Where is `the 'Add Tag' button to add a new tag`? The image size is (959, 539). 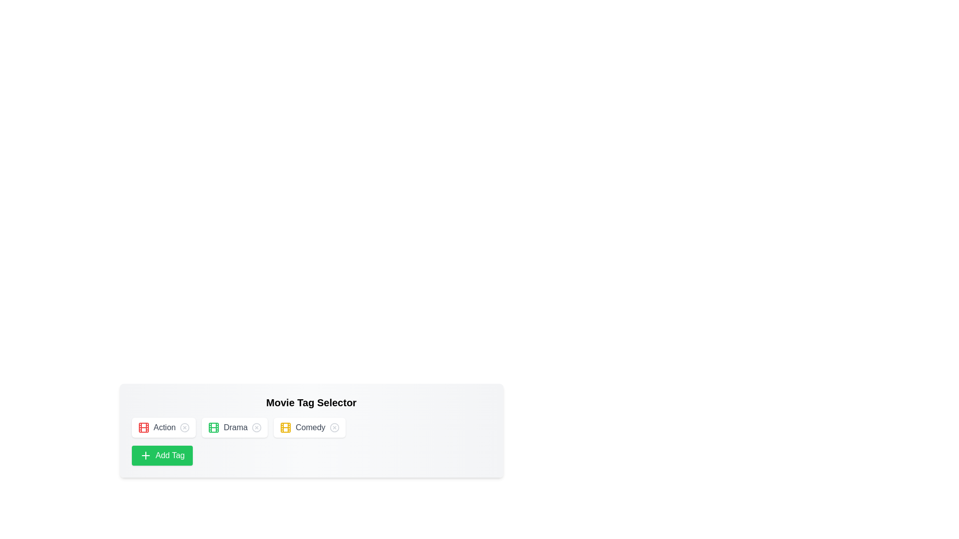 the 'Add Tag' button to add a new tag is located at coordinates (162, 456).